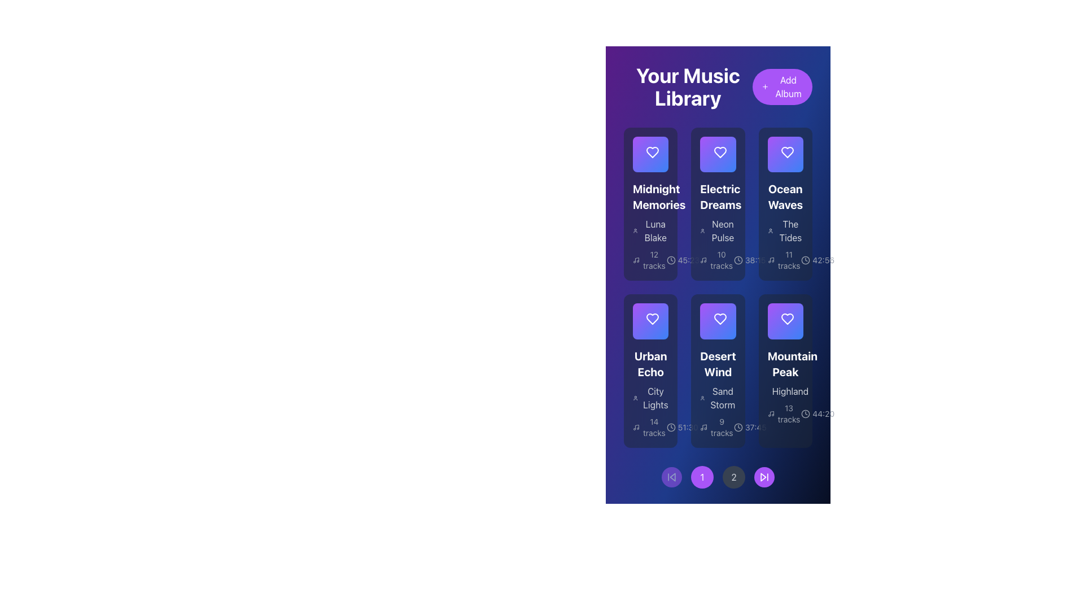 This screenshot has height=610, width=1084. I want to click on the outer circle of the clock icon, which is a decorative component located at the bottom-right of the 'Mountain Peak' album card in the music library application, so click(805, 413).